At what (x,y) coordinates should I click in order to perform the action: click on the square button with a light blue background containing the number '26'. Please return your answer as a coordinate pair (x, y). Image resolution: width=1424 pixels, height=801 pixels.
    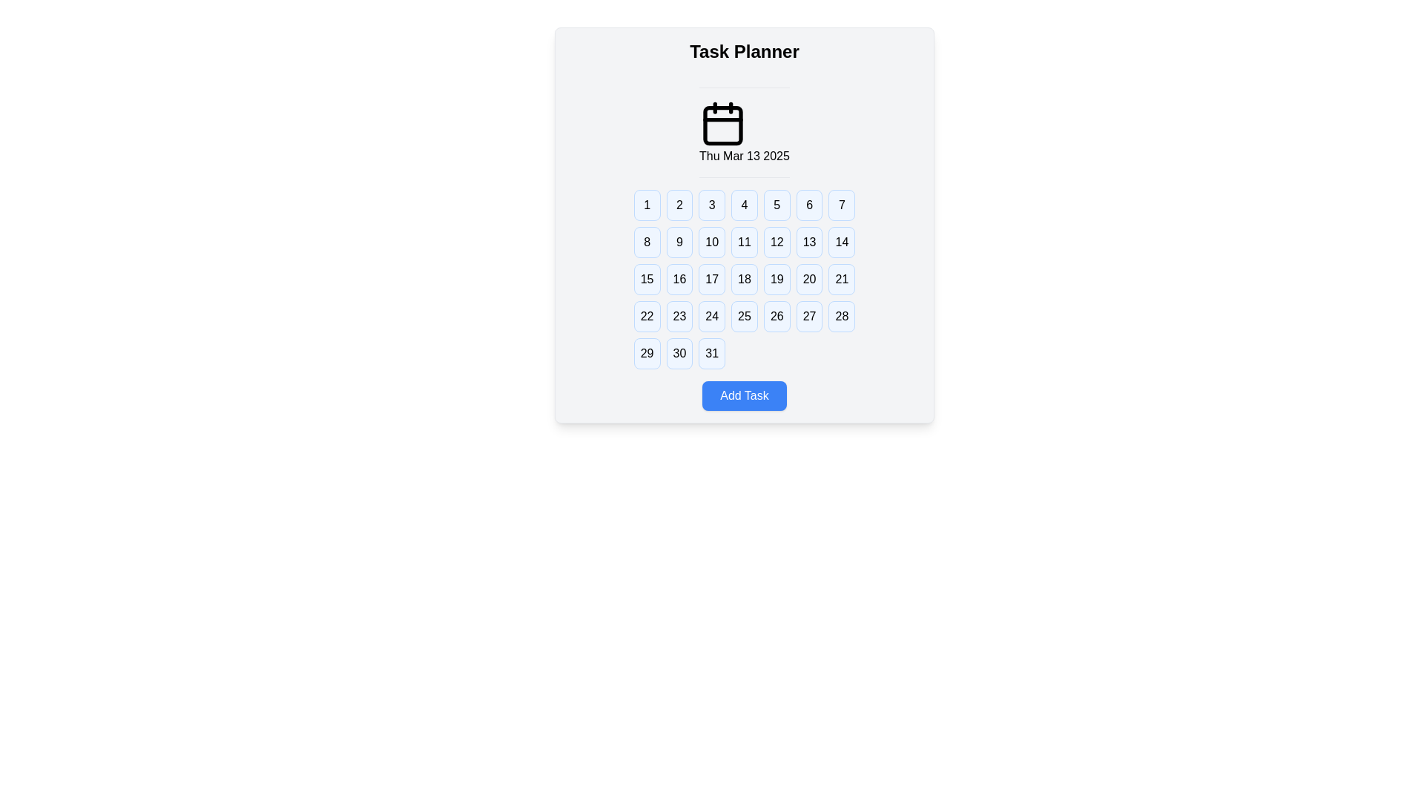
    Looking at the image, I should click on (776, 316).